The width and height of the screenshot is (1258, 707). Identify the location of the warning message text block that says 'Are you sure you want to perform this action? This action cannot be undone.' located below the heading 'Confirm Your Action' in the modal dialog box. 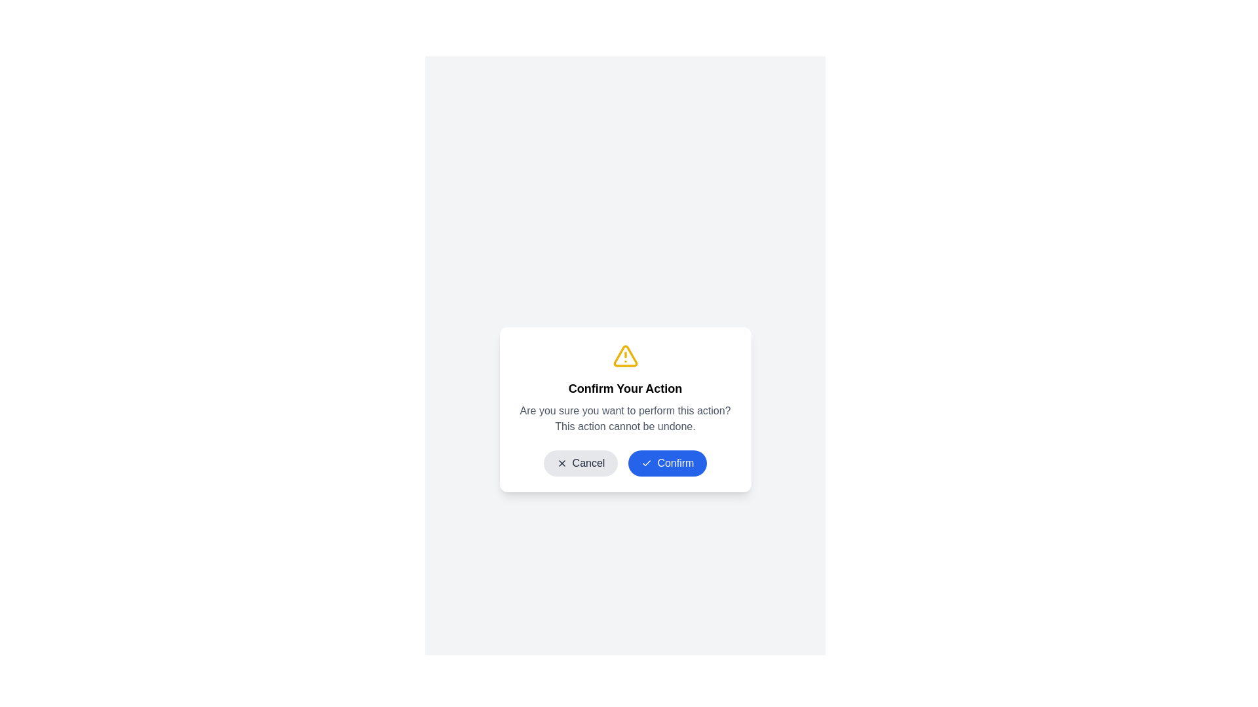
(624, 419).